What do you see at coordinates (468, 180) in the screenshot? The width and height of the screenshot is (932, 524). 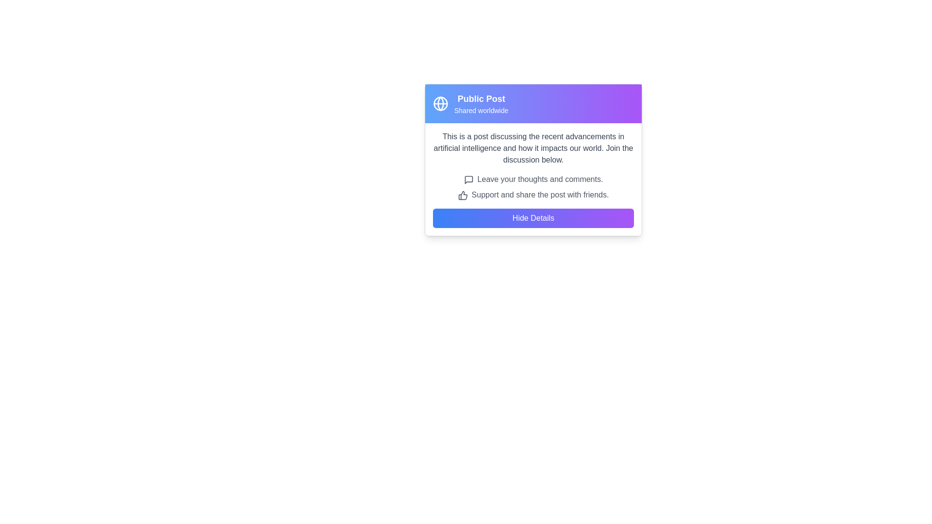 I see `the chat bubble icon located beside the text 'Leave your thoughts and comments' within the user interface card` at bounding box center [468, 180].